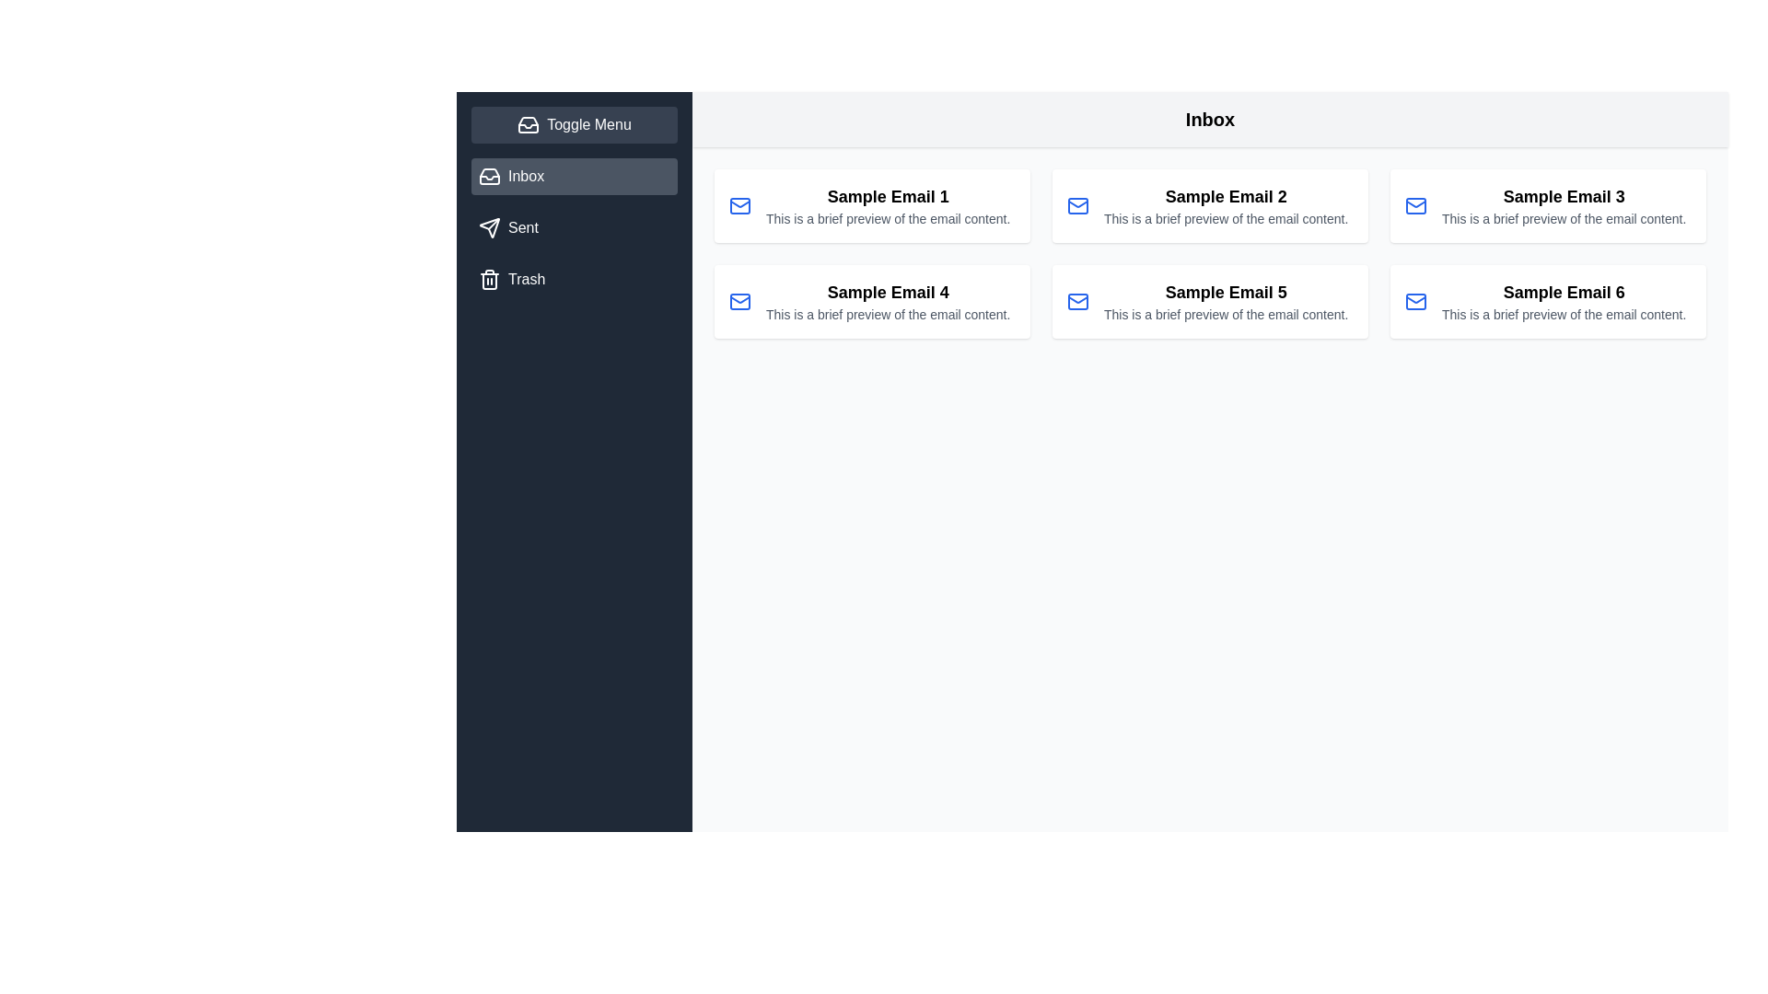 The height and width of the screenshot is (994, 1768). What do you see at coordinates (490, 226) in the screenshot?
I see `the paper plane icon styled as an outline, located to the left of the 'Sent' label in the vertical navigation menu` at bounding box center [490, 226].